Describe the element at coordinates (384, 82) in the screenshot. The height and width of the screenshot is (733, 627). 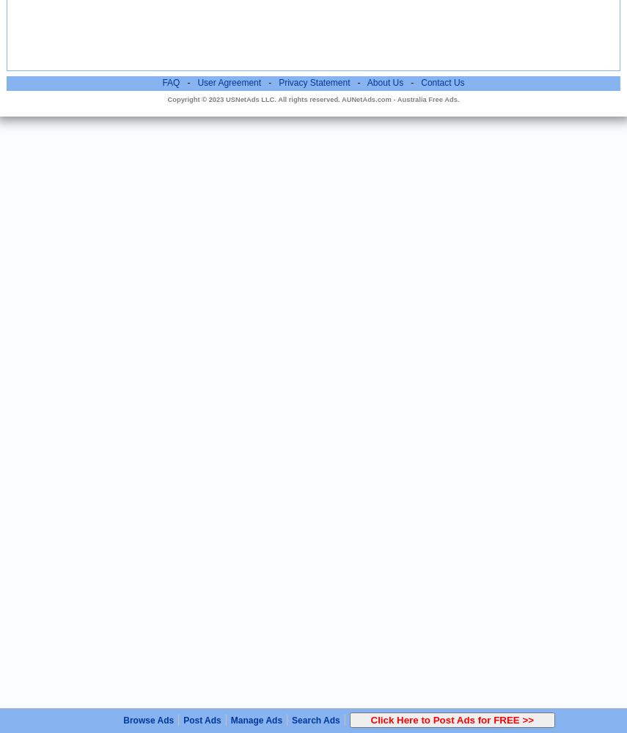
I see `'About Us'` at that location.